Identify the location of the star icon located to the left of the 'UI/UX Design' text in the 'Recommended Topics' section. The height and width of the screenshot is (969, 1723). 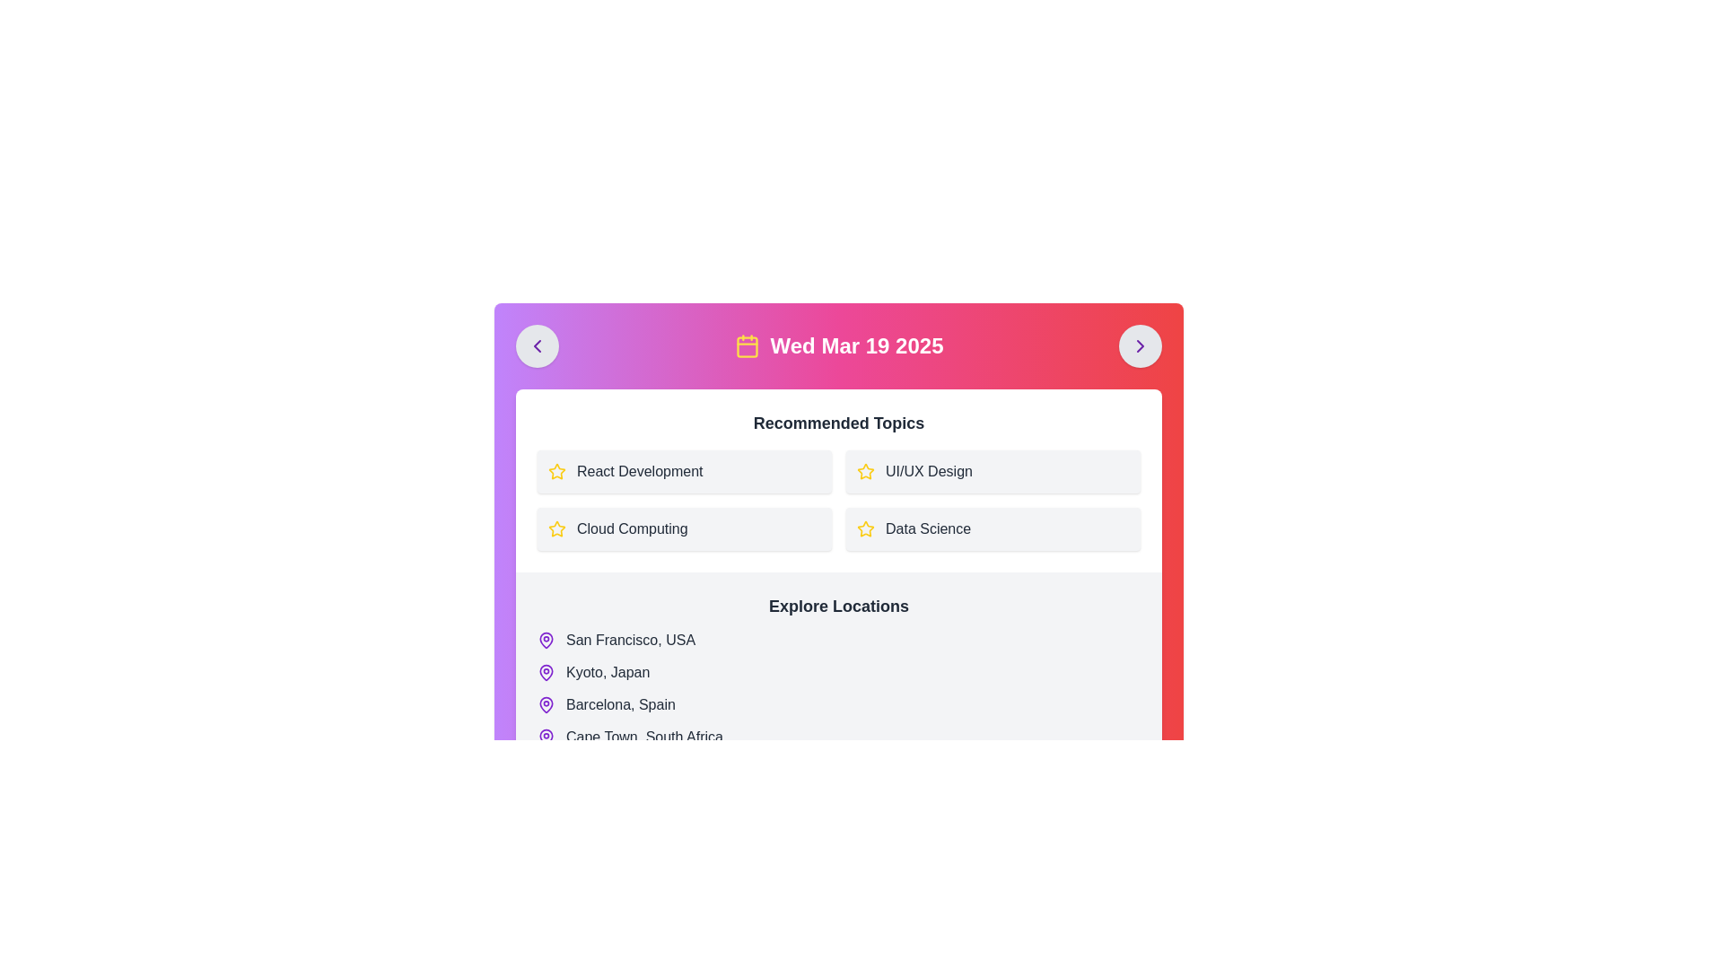
(865, 470).